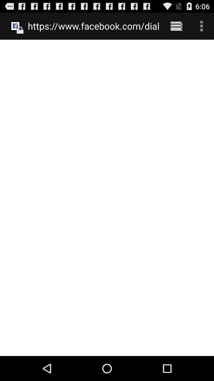  What do you see at coordinates (107, 197) in the screenshot?
I see `the icon below the https www facebook item` at bounding box center [107, 197].